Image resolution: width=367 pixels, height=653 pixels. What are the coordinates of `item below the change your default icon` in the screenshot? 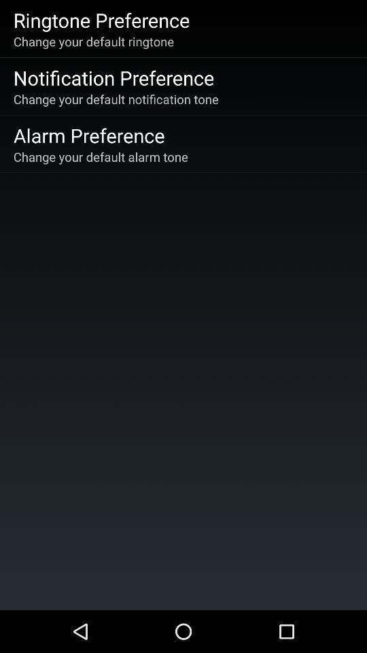 It's located at (89, 135).